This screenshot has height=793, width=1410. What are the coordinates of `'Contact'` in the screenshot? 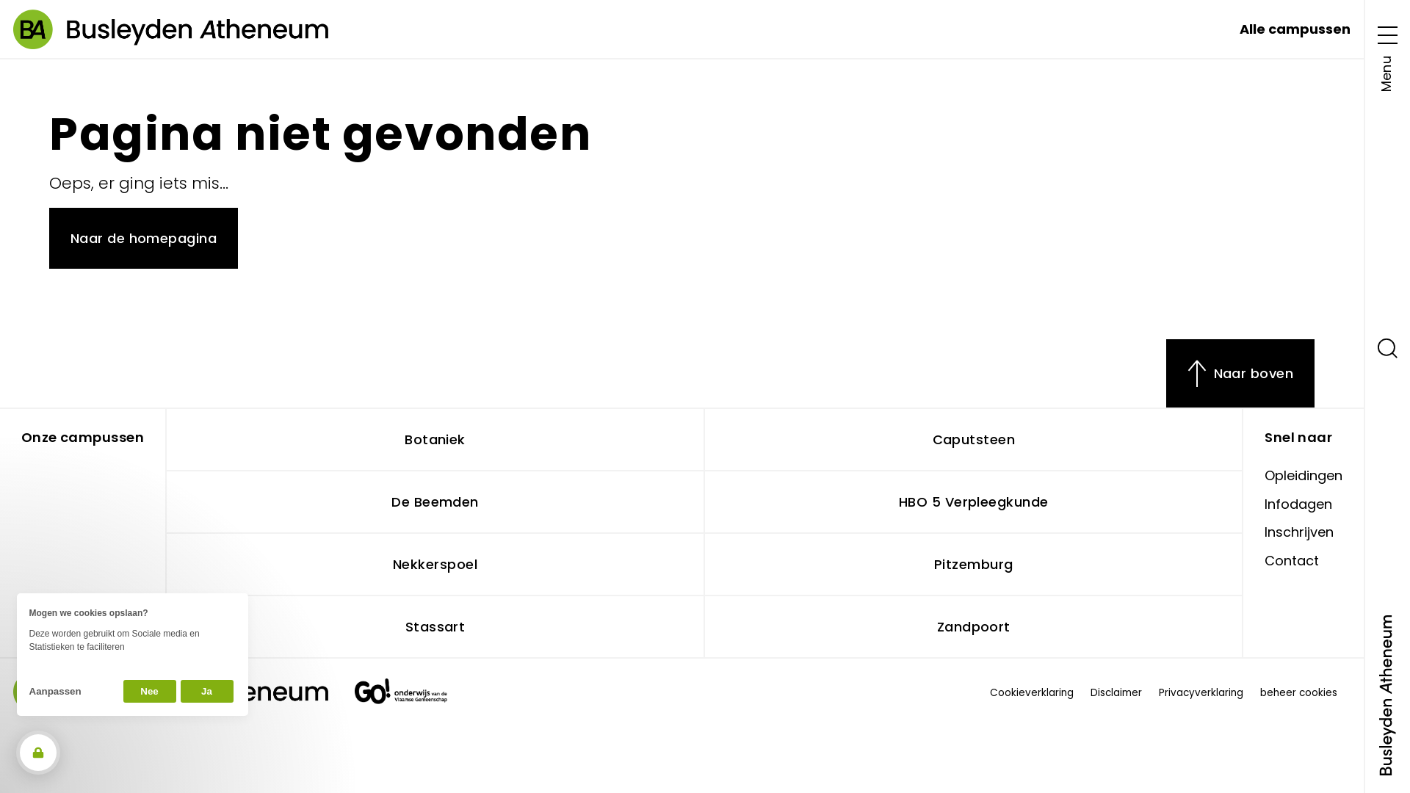 It's located at (1290, 560).